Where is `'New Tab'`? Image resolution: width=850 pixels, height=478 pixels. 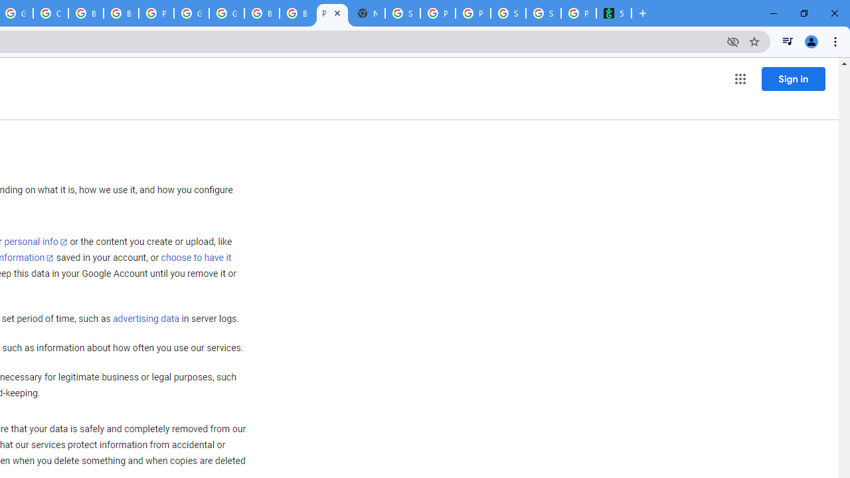 'New Tab' is located at coordinates (367, 13).